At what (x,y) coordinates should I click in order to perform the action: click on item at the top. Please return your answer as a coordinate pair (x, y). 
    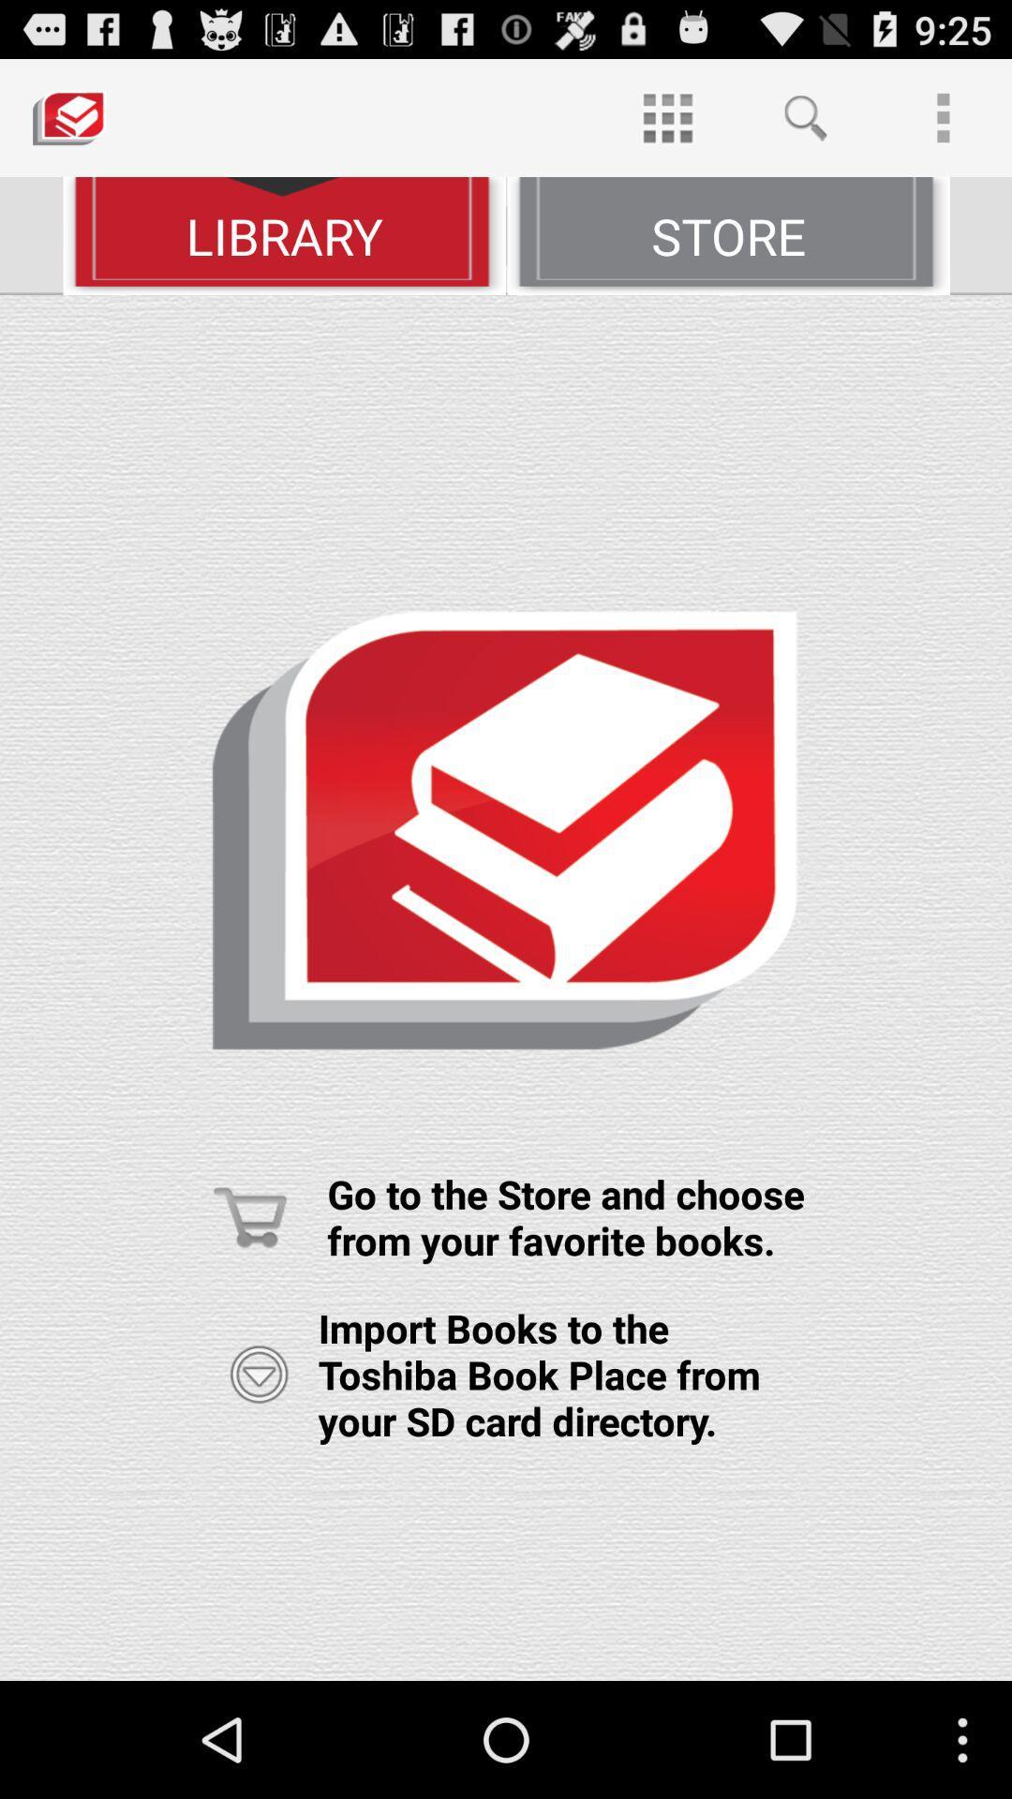
    Looking at the image, I should click on (666, 116).